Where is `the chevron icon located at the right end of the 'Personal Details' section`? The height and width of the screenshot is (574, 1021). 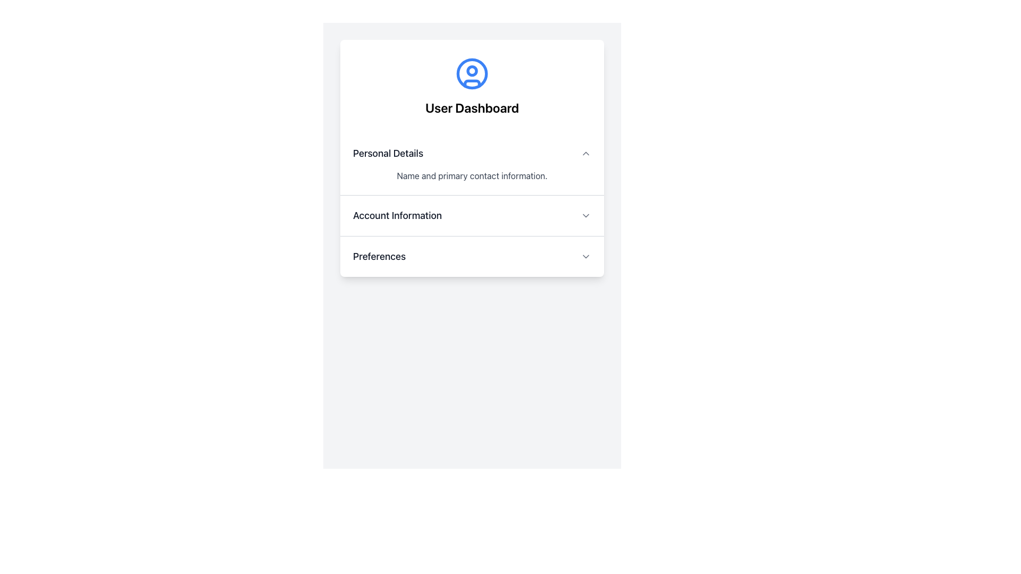
the chevron icon located at the right end of the 'Personal Details' section is located at coordinates (585, 154).